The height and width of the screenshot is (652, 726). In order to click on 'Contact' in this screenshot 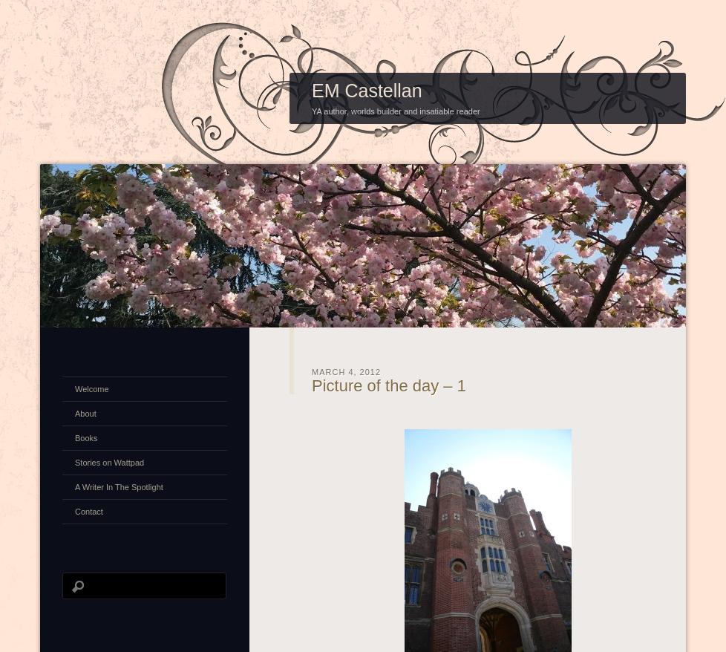, I will do `click(75, 511)`.